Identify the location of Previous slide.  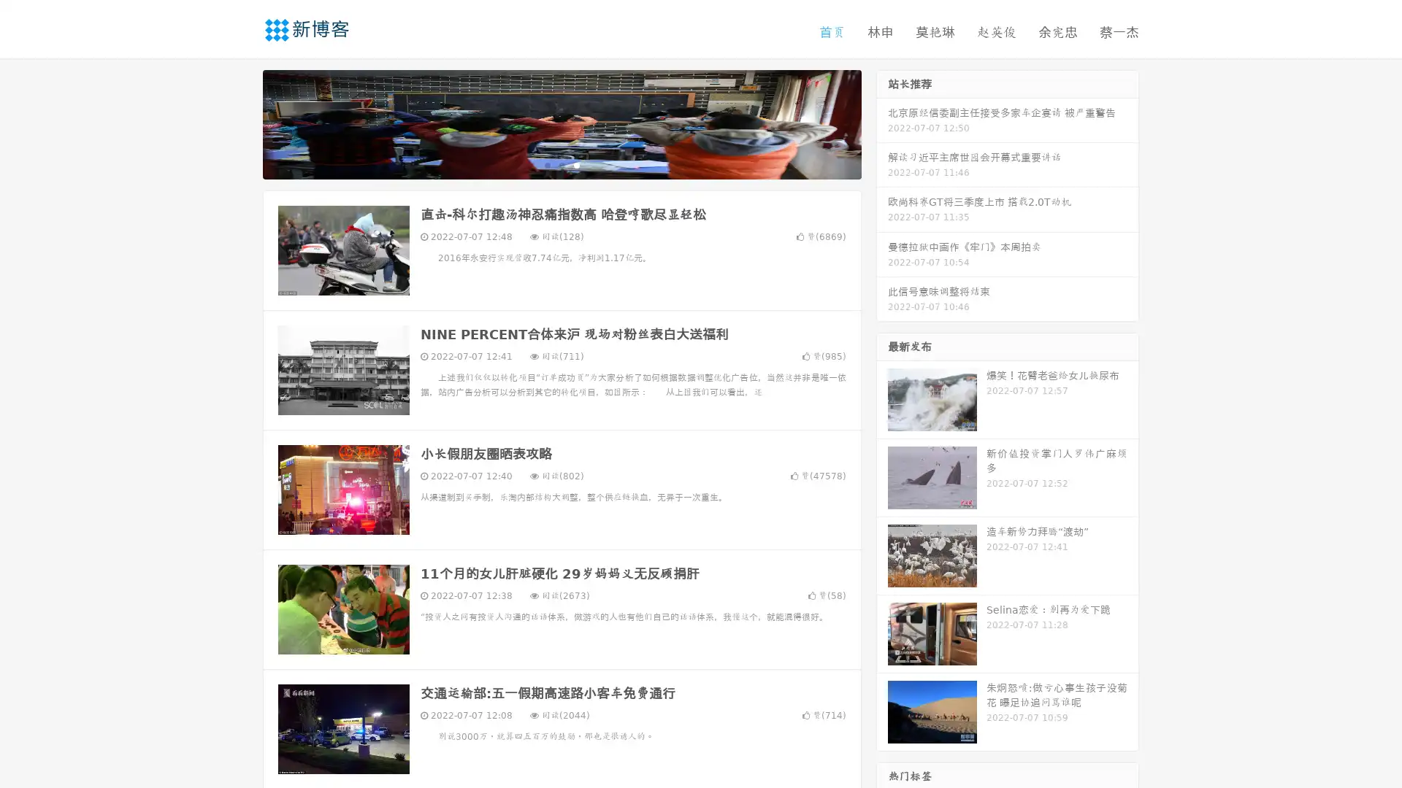
(241, 123).